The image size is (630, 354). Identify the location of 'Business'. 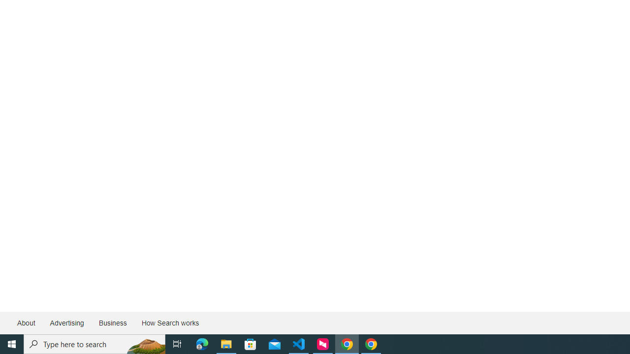
(113, 323).